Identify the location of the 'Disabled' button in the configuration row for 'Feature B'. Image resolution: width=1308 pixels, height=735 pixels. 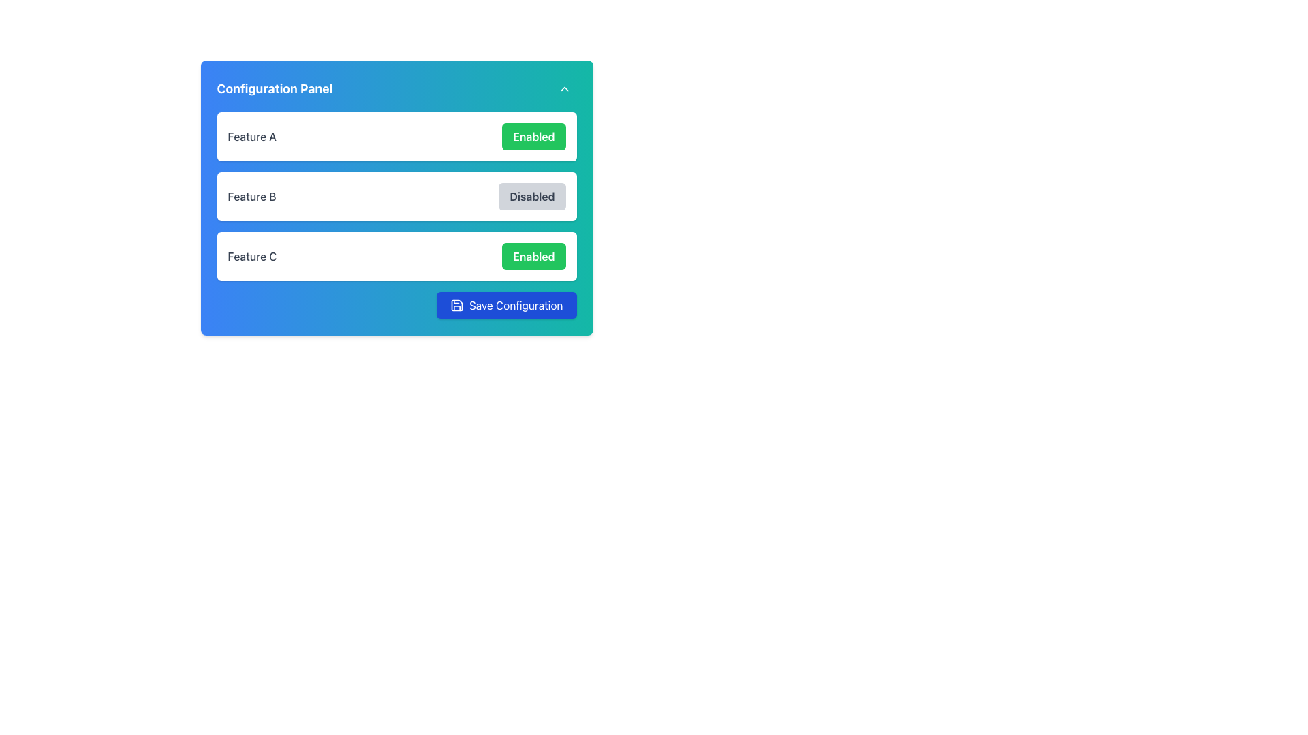
(396, 197).